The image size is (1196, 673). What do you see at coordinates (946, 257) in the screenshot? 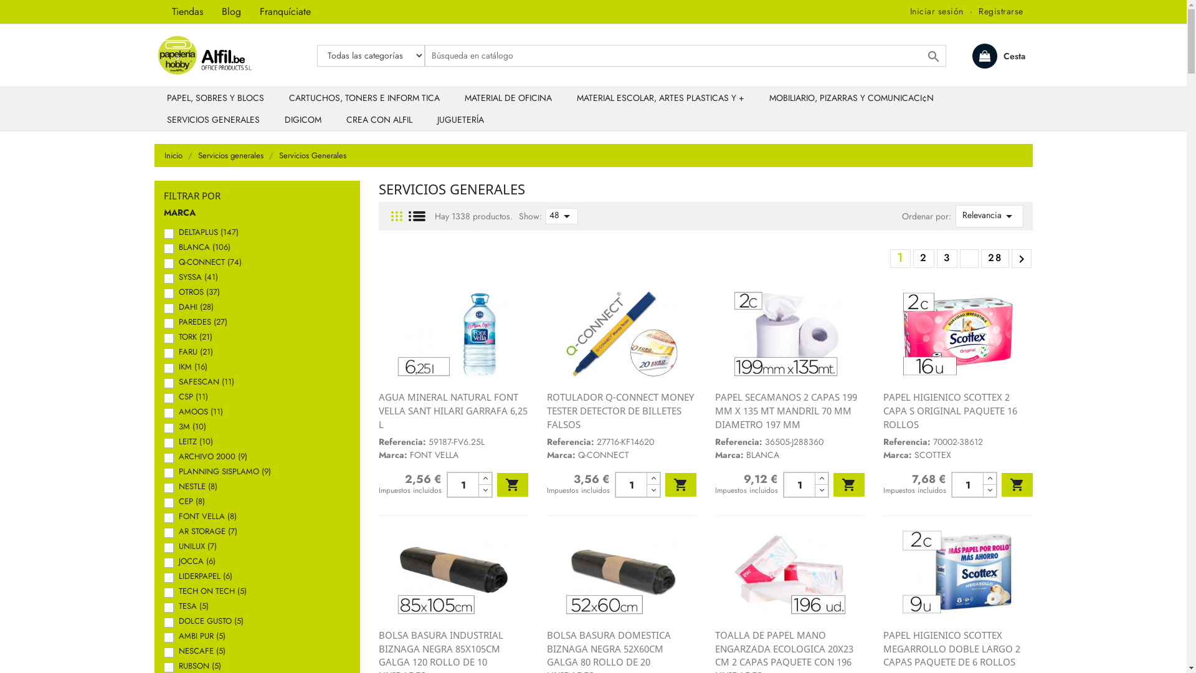
I see `'3'` at bounding box center [946, 257].